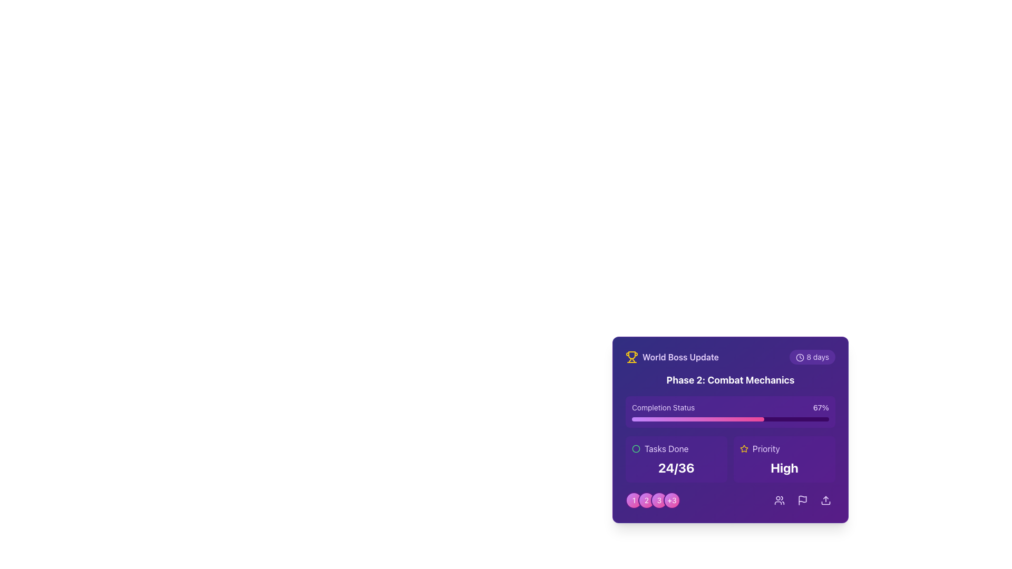 This screenshot has width=1012, height=569. I want to click on the star icon with a yellow outline, which is part of a group of decorative icons located in the lower right corner of the interface, indicating achievements or ratings, so click(743, 448).